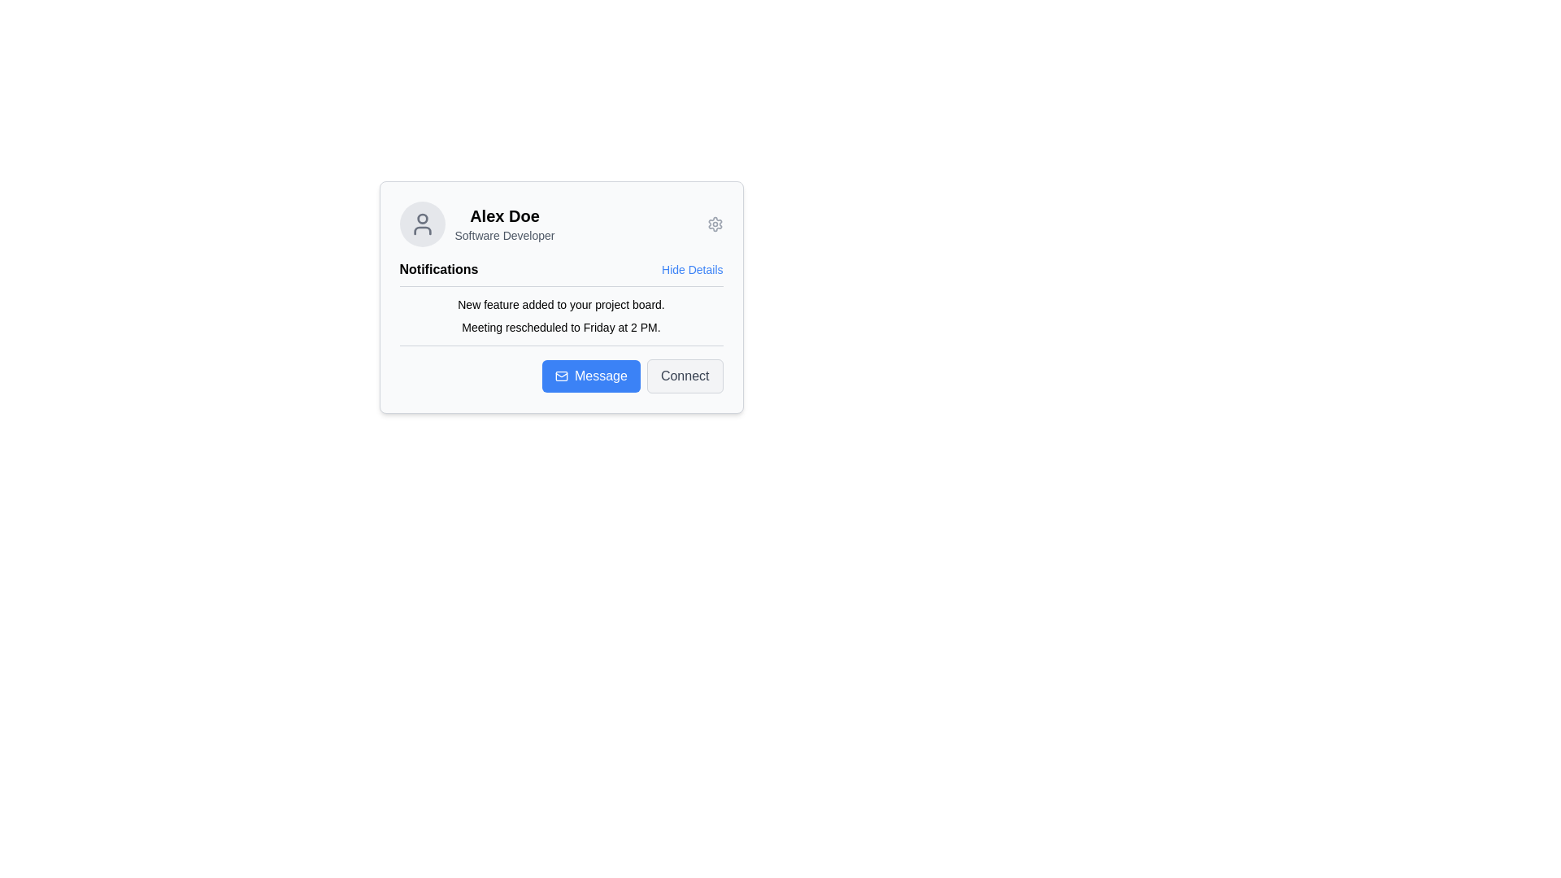 This screenshot has height=878, width=1561. What do you see at coordinates (438, 268) in the screenshot?
I see `the 'Notifications' text label, which is bold and positioned in the top-left corner of the section, above the 'Hide Details' link` at bounding box center [438, 268].